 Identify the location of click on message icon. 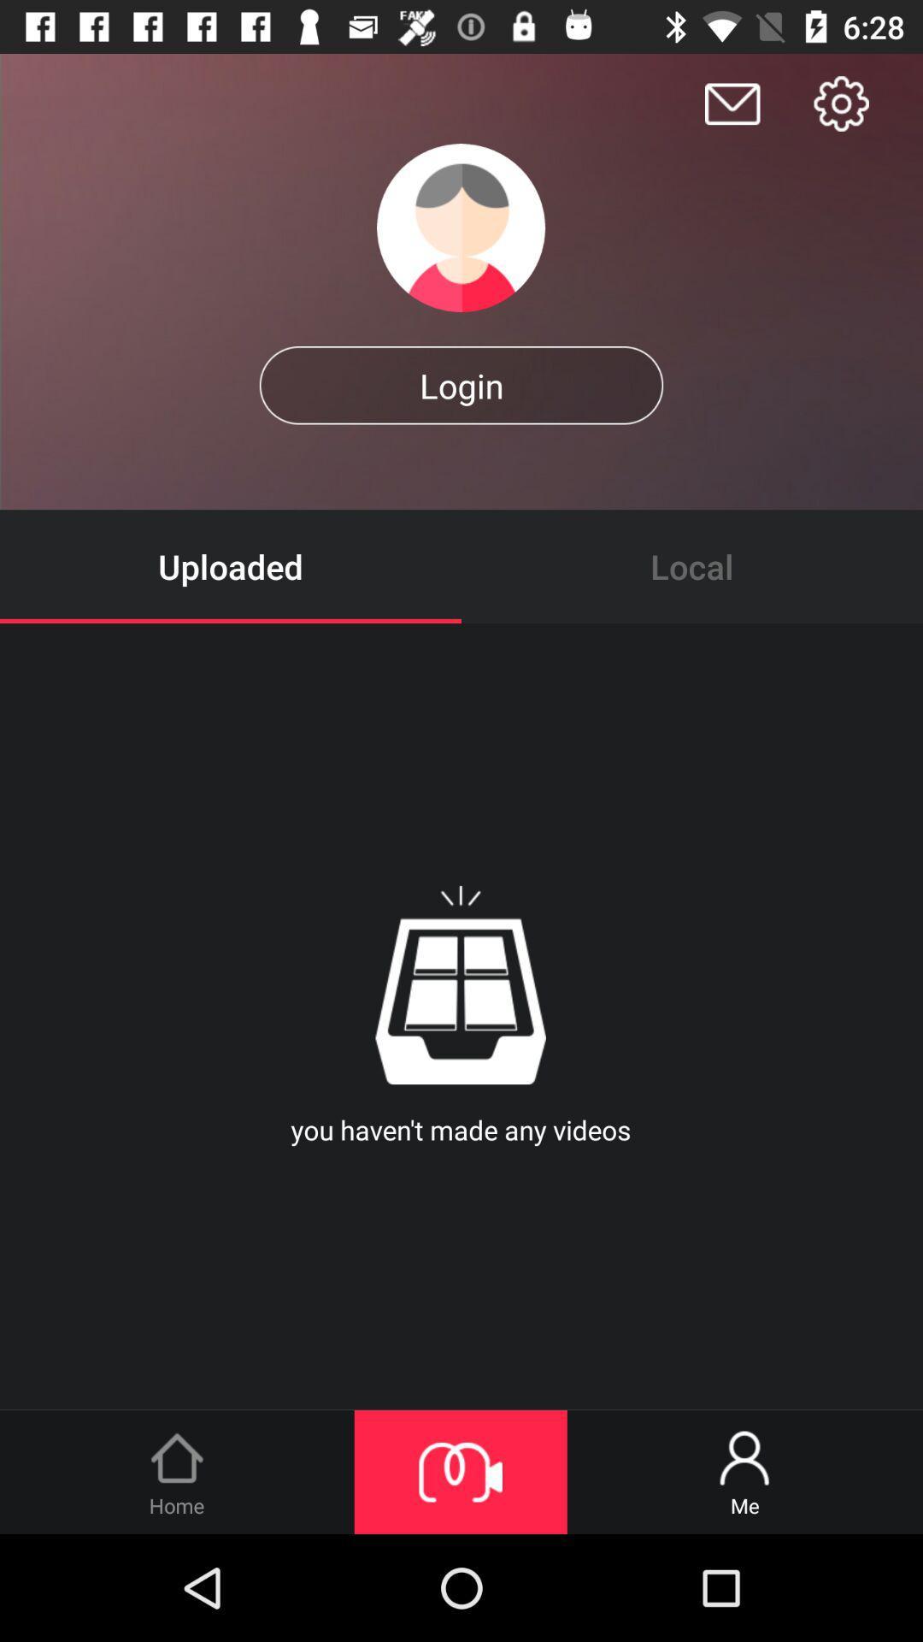
(732, 103).